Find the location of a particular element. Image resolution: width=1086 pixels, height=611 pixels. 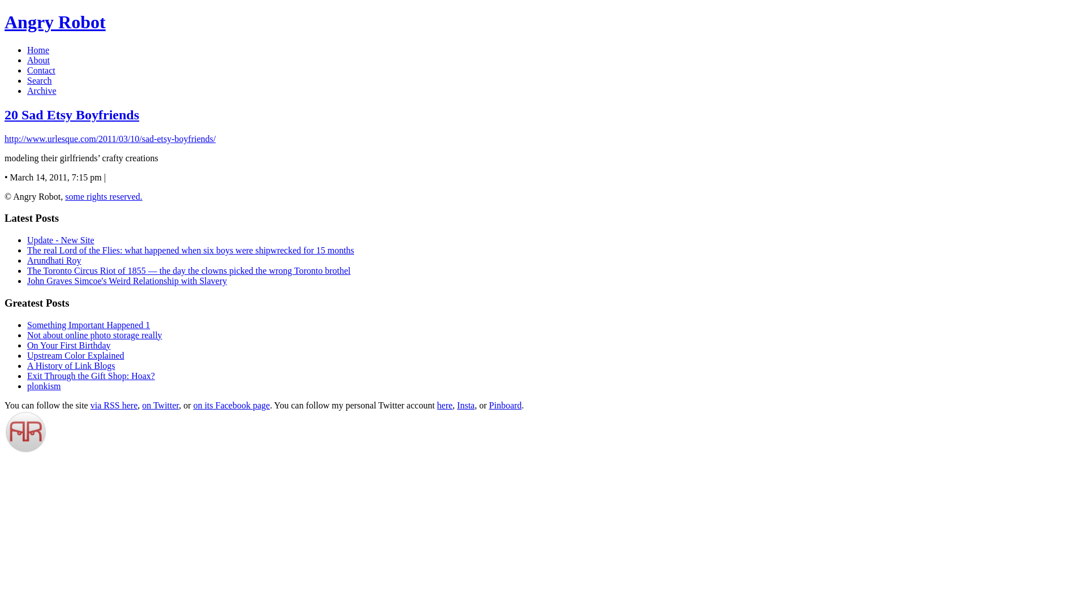

'via RSS here' is located at coordinates (114, 405).